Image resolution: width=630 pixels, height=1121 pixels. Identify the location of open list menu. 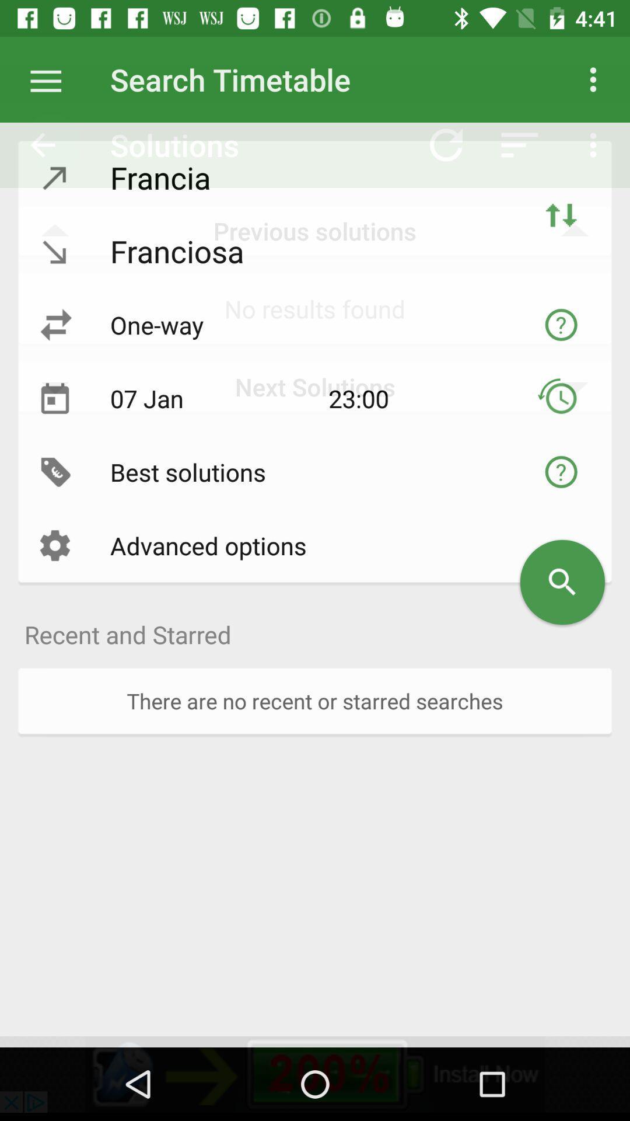
(51, 79).